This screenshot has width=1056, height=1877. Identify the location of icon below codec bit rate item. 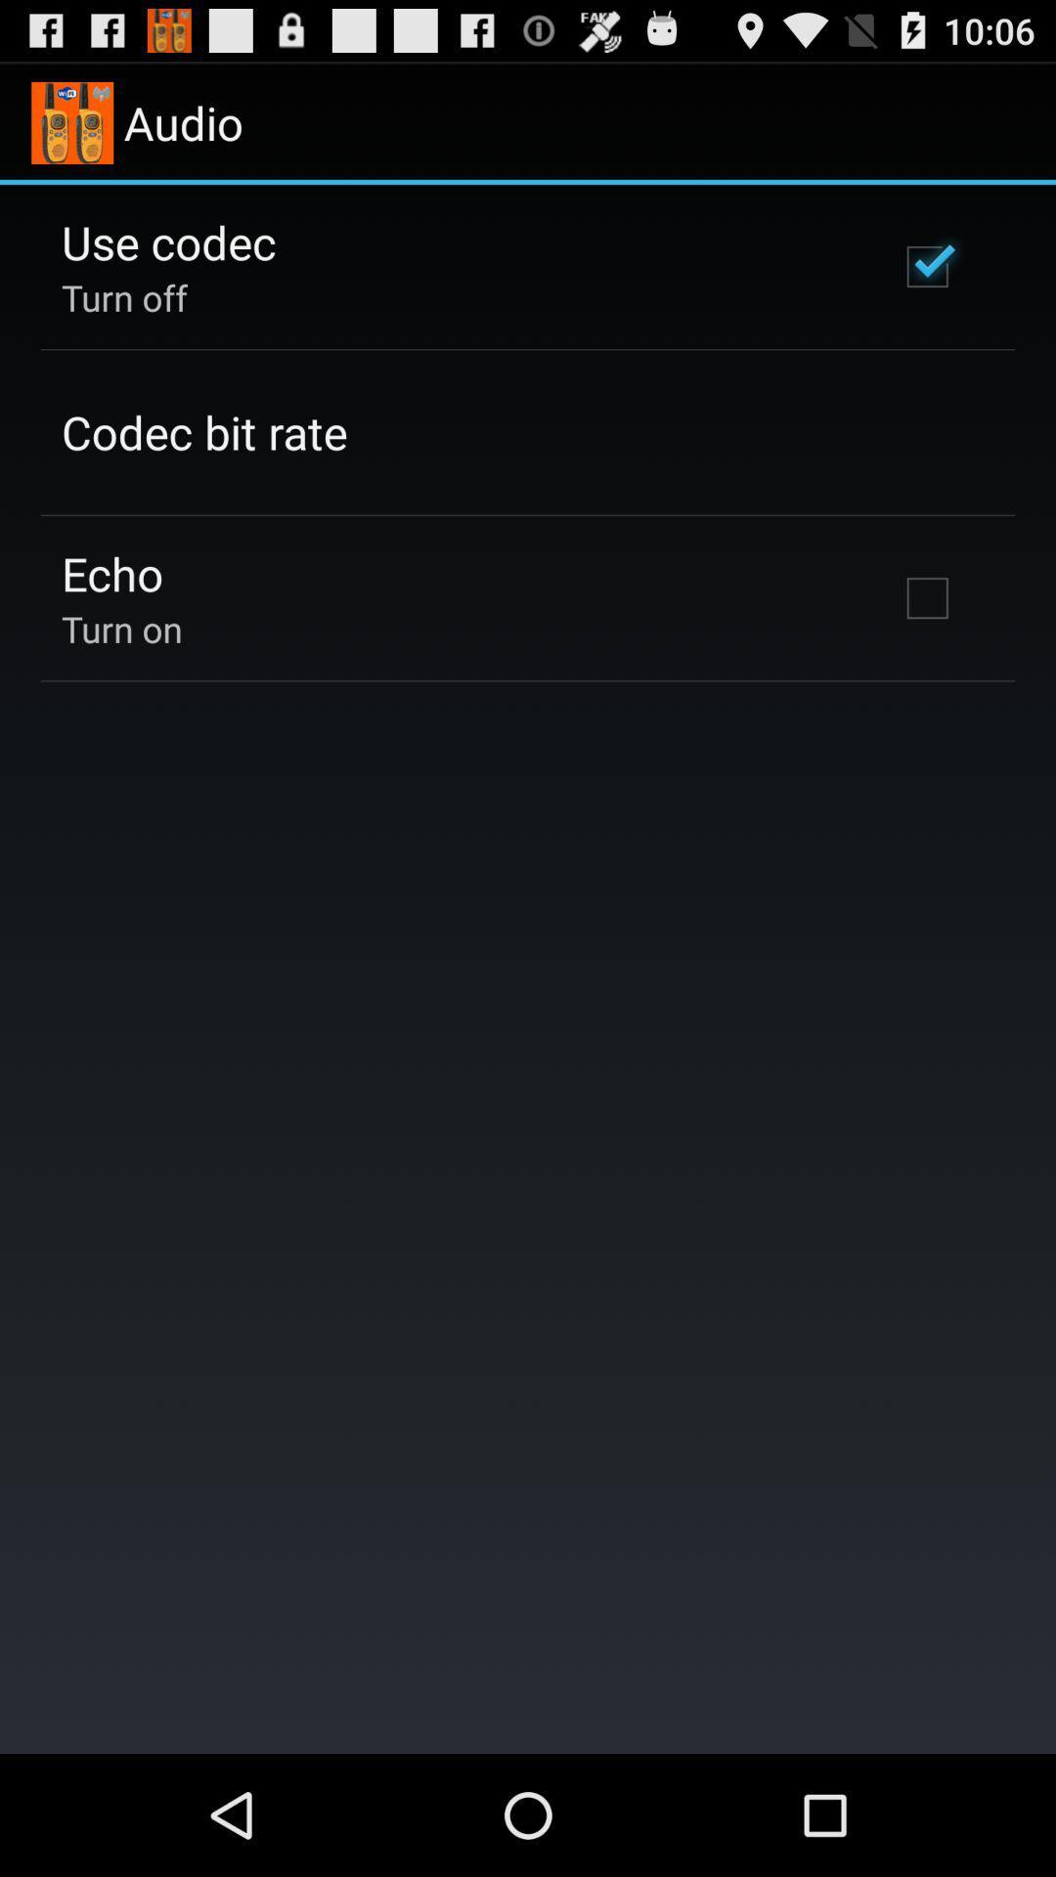
(112, 572).